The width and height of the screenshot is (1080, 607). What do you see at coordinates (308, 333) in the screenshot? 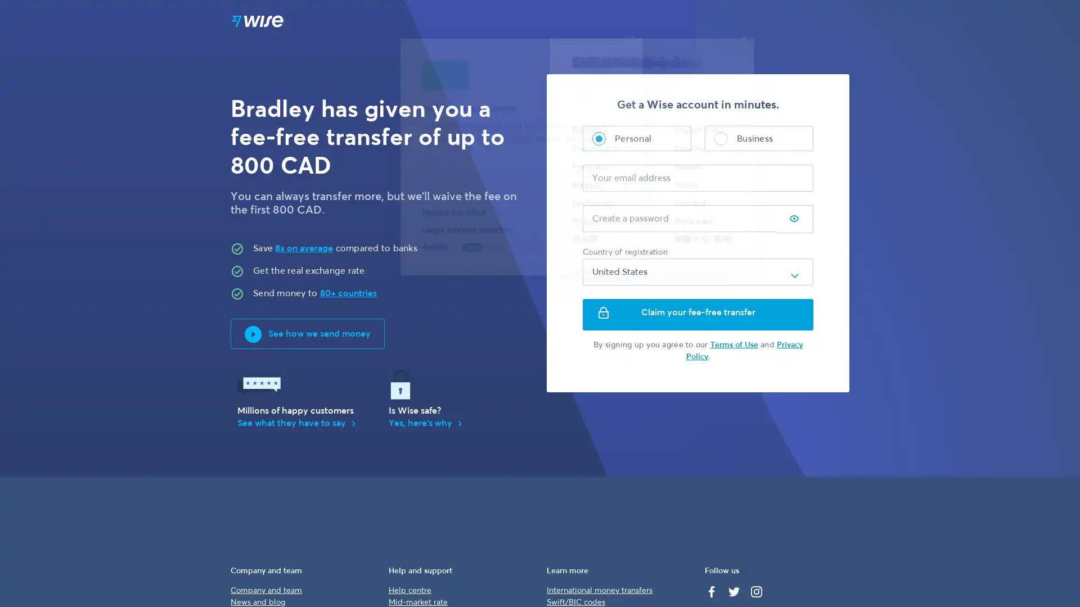
I see `See how we send money` at bounding box center [308, 333].